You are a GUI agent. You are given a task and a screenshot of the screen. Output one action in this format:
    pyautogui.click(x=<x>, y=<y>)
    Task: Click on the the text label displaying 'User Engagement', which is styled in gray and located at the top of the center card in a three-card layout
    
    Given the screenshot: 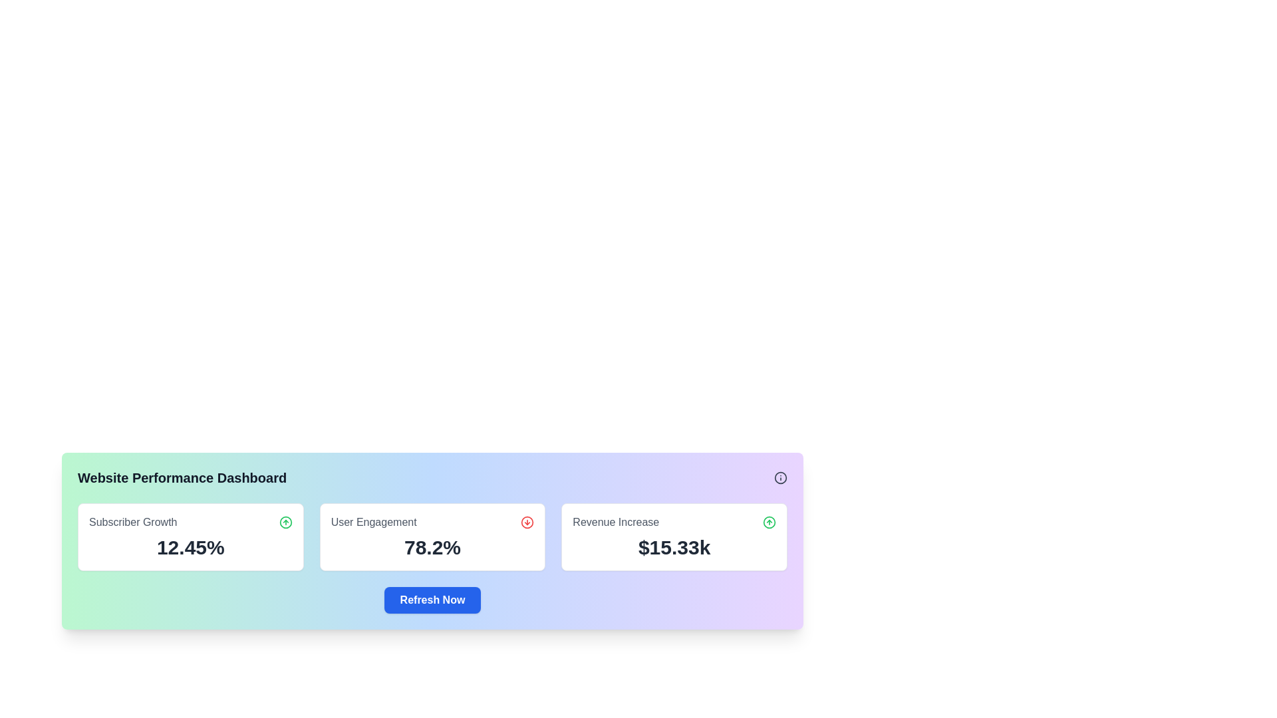 What is the action you would take?
    pyautogui.click(x=373, y=522)
    